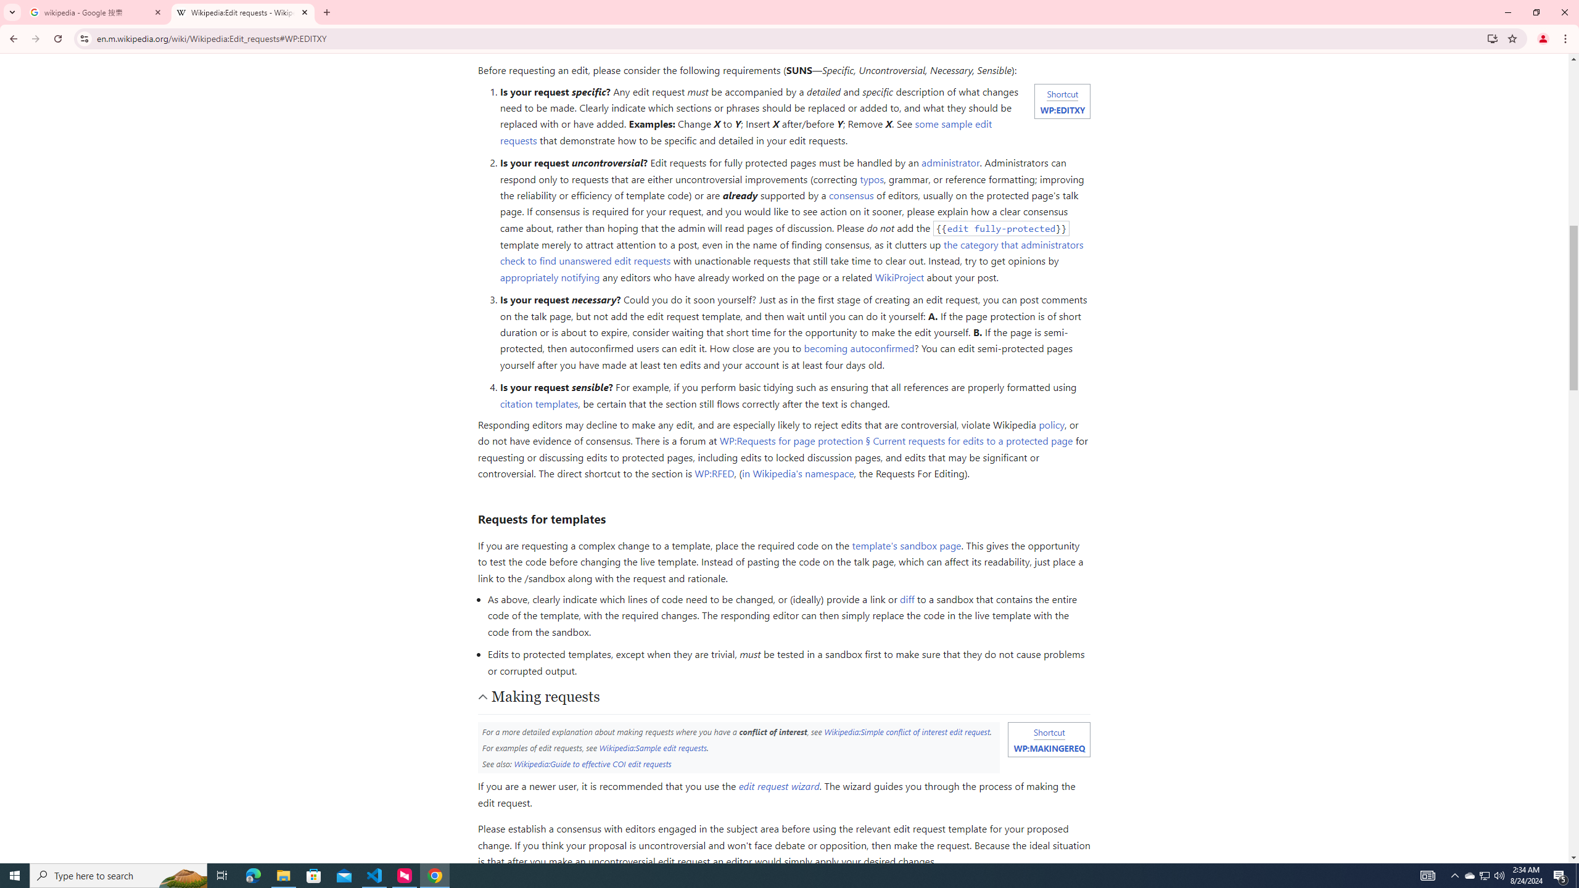 Image resolution: width=1579 pixels, height=888 pixels. What do you see at coordinates (326, 12) in the screenshot?
I see `'New Tab'` at bounding box center [326, 12].